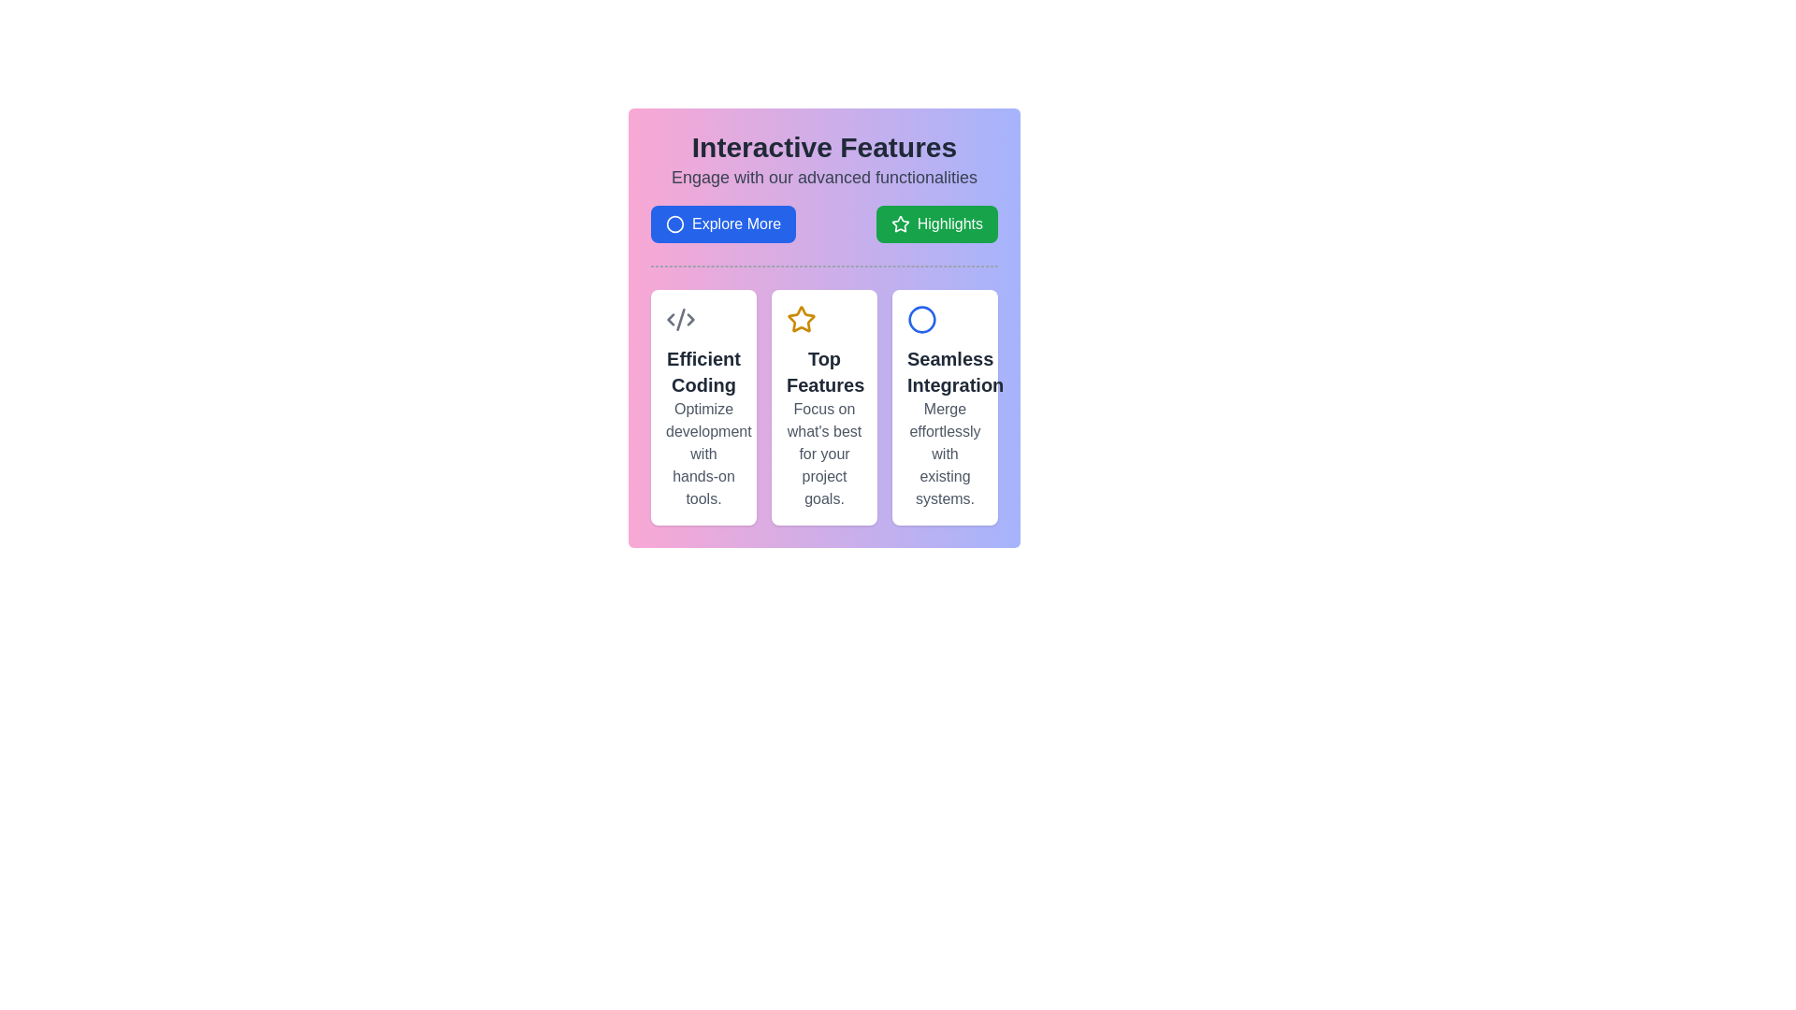 The width and height of the screenshot is (1796, 1010). I want to click on the green button labeled 'Highlights' with a white star icon, so click(936, 223).